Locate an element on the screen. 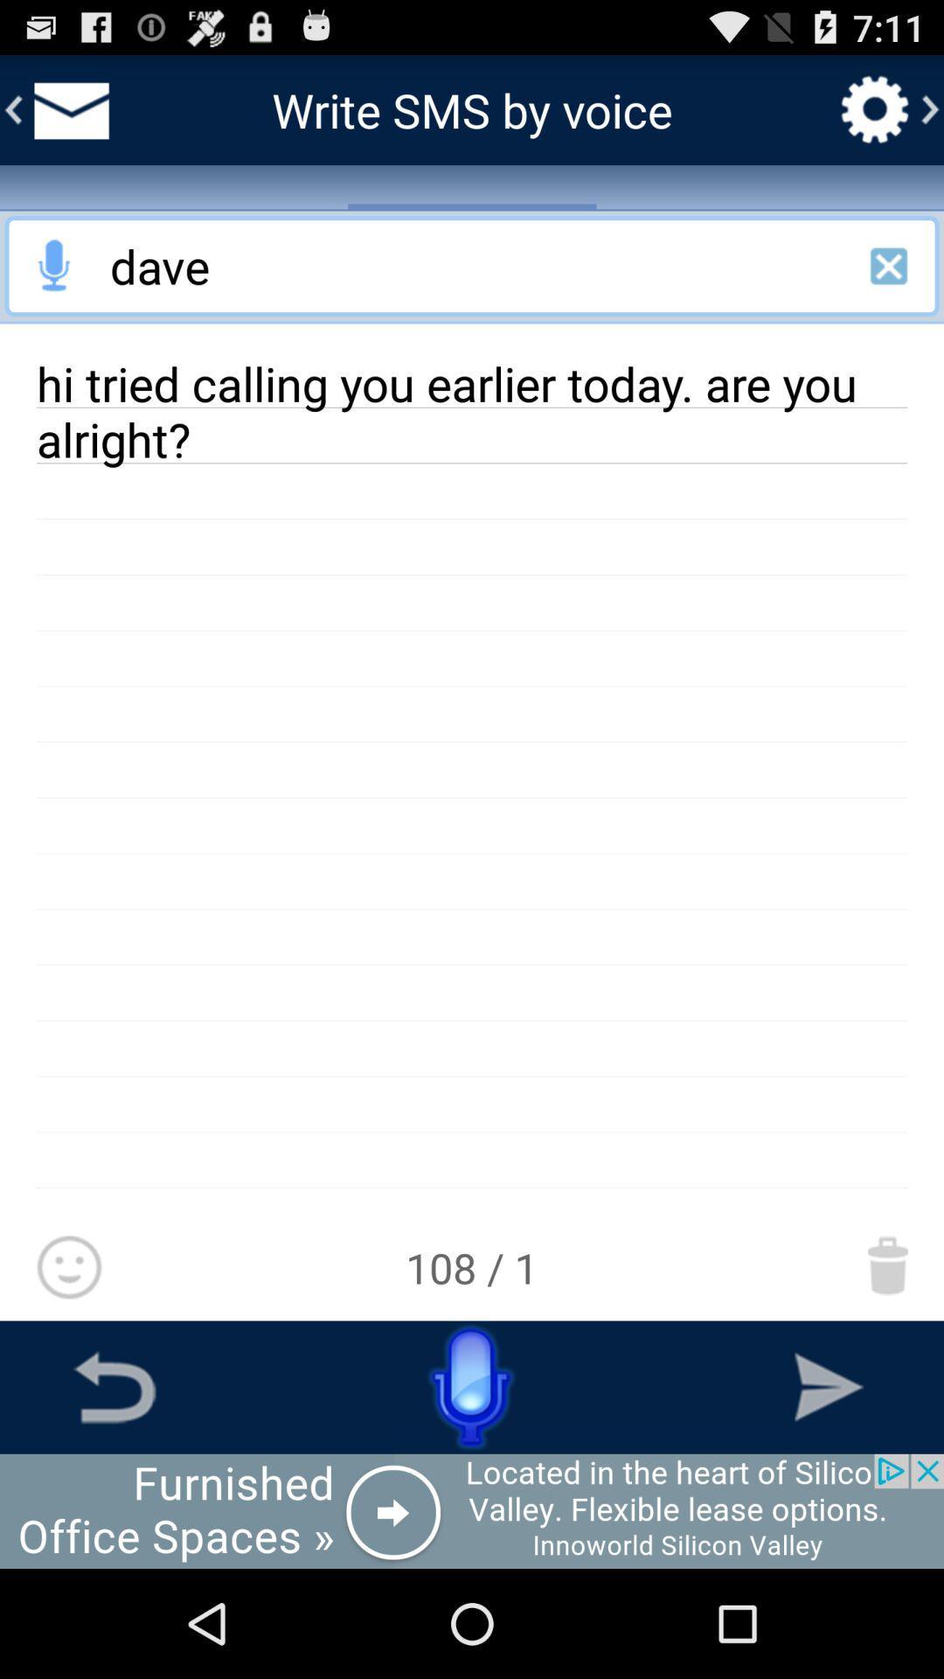  open an advertisement is located at coordinates (472, 1510).